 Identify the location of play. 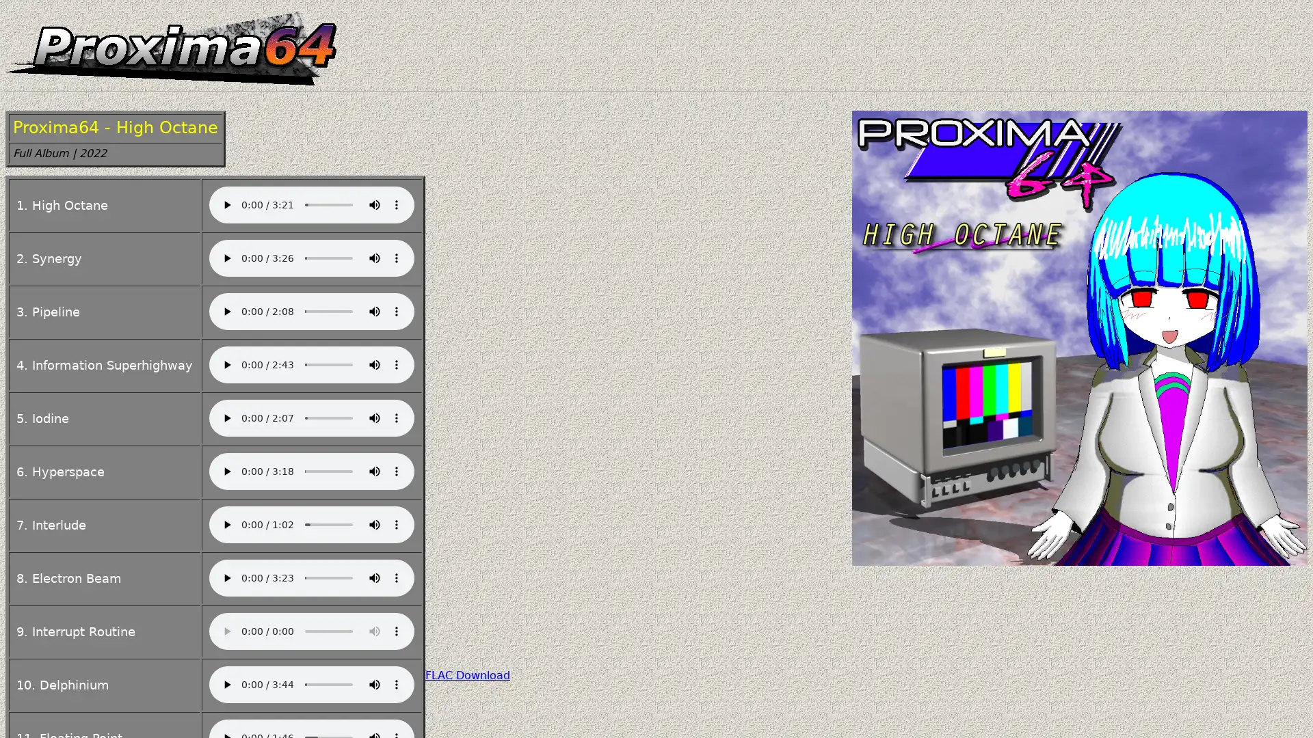
(226, 258).